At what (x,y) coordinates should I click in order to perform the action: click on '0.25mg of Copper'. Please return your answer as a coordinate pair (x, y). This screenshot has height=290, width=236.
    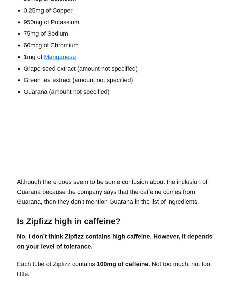
    Looking at the image, I should click on (47, 10).